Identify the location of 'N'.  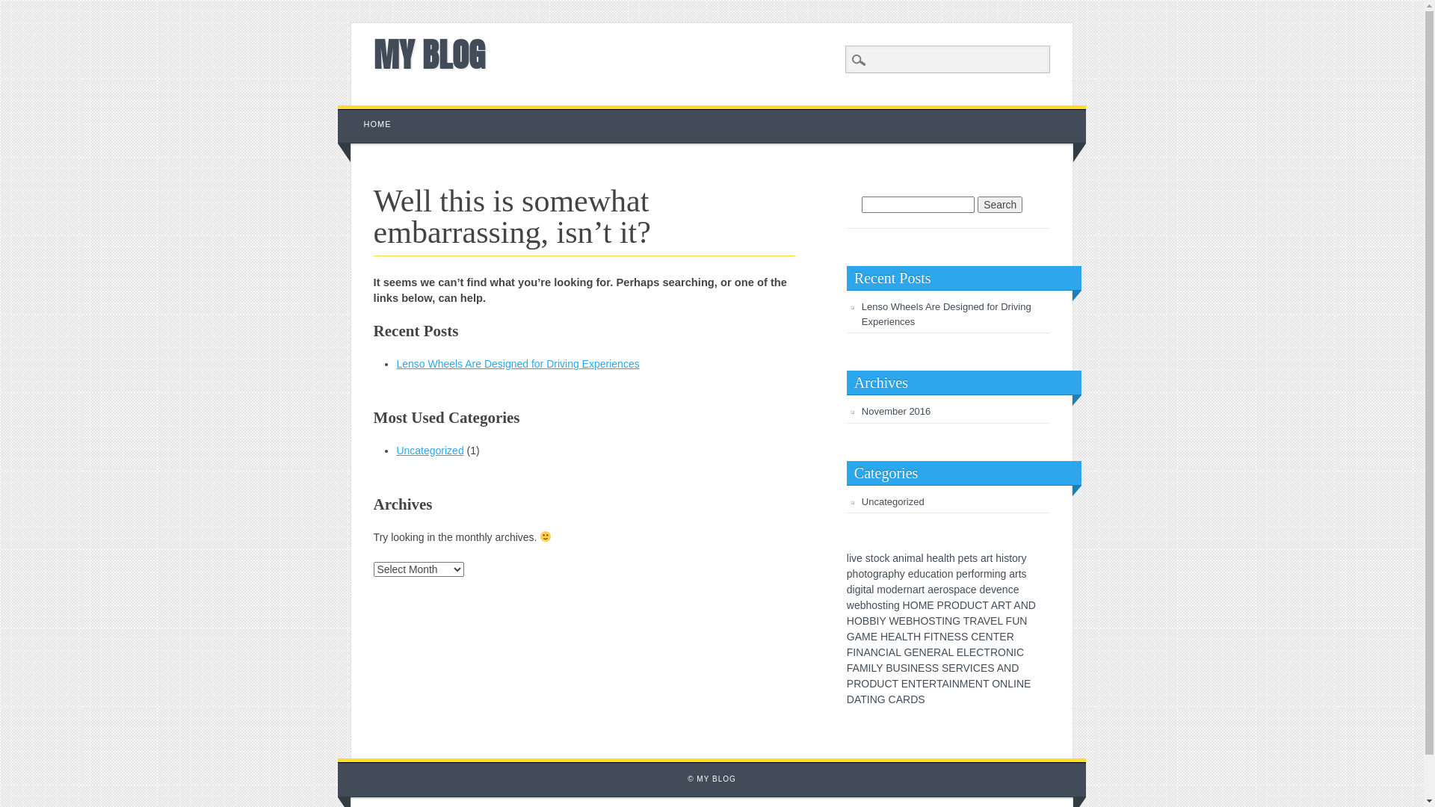
(922, 651).